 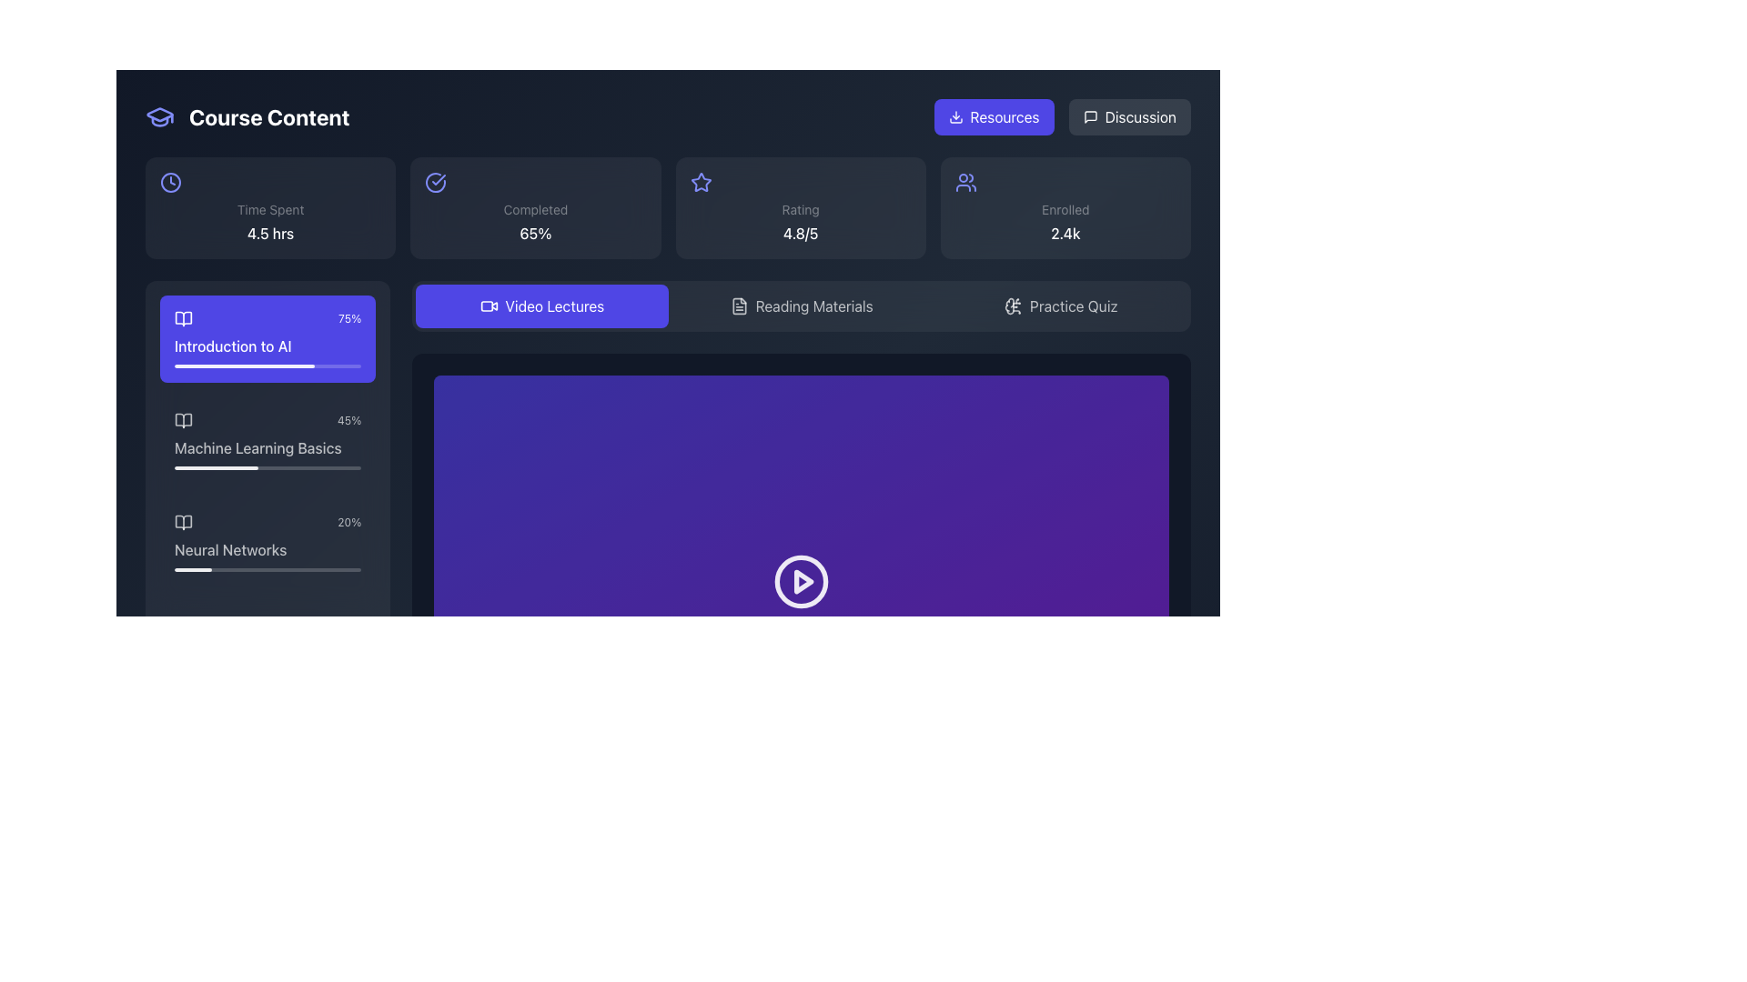 I want to click on the displayed percentage on the progress indicator card, which is the second item in a grid of four cards in the top row, second column, so click(x=534, y=206).